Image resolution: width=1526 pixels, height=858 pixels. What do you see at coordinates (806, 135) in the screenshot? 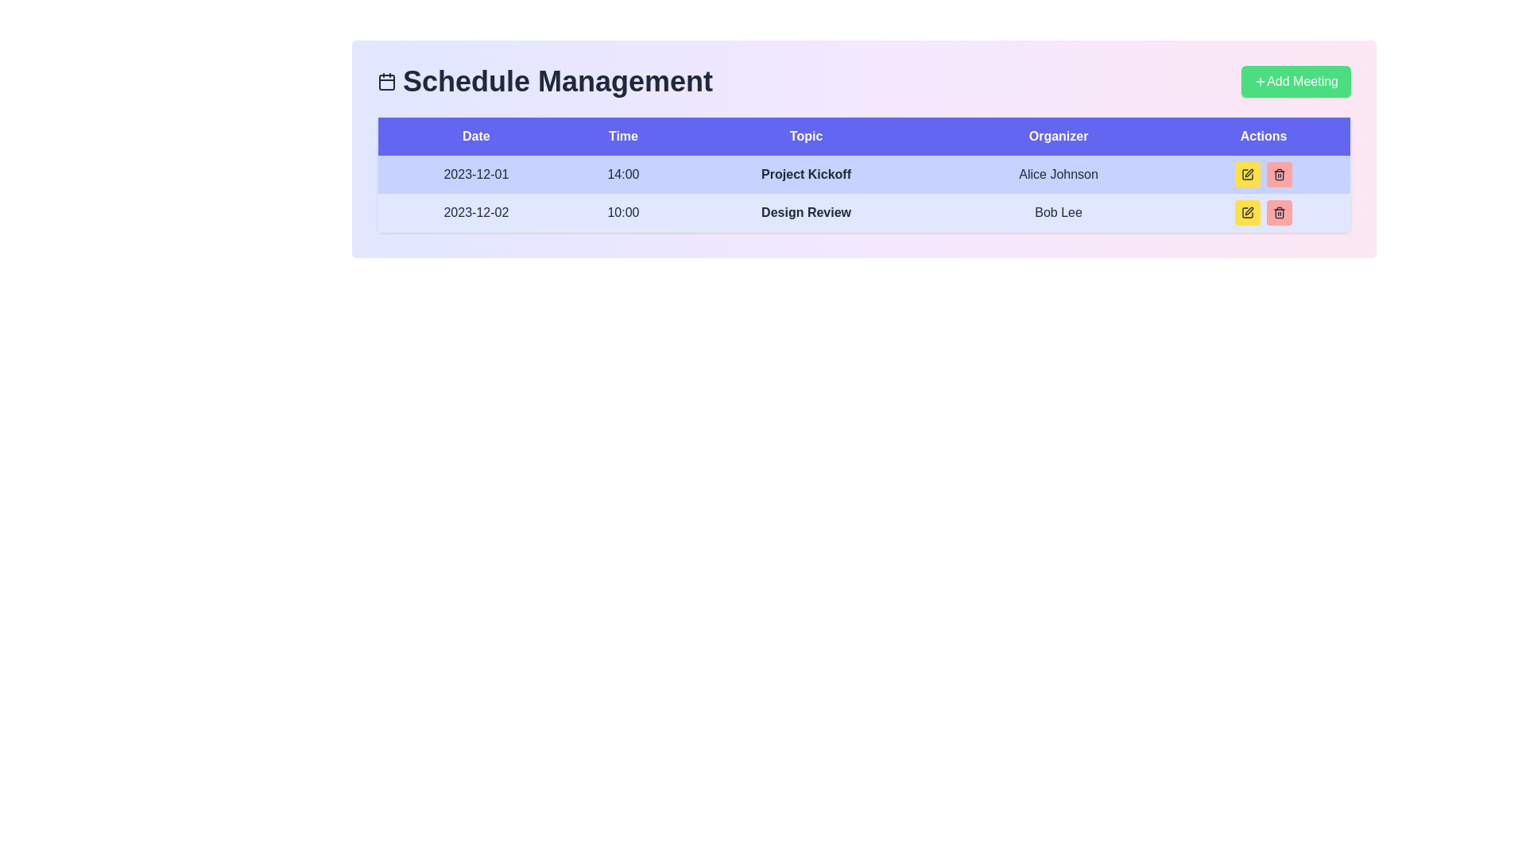
I see `the text label 'Topic' which is displayed in white font and is part of the header row in a table structure, located between the 'Time' and 'Organizer' column headers` at bounding box center [806, 135].